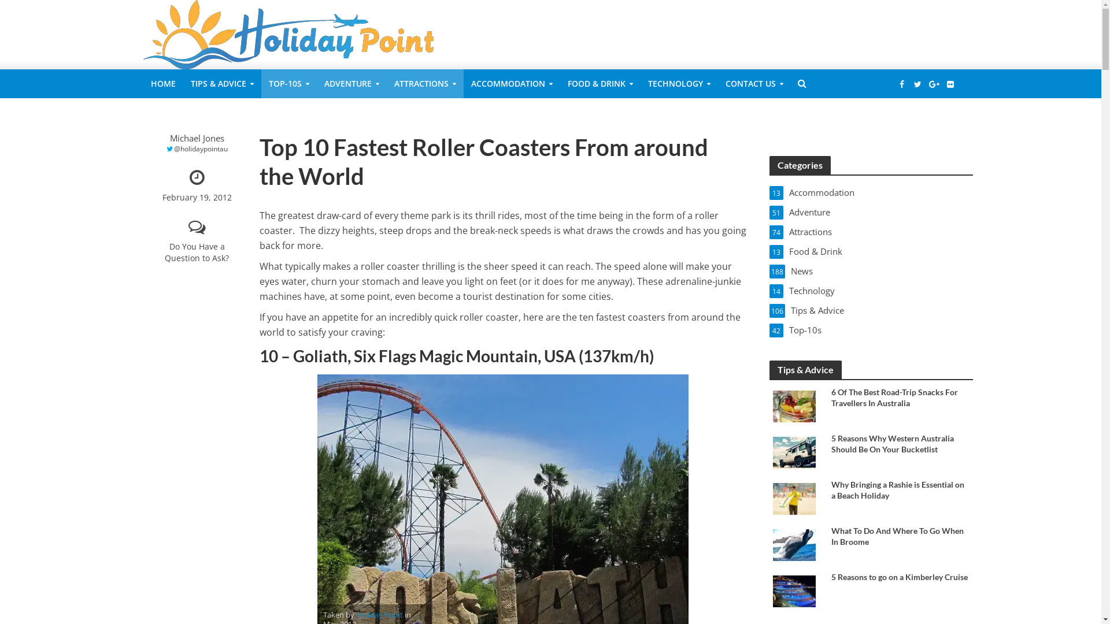 Image resolution: width=1110 pixels, height=624 pixels. I want to click on 'Holiday Point', so click(379, 615).